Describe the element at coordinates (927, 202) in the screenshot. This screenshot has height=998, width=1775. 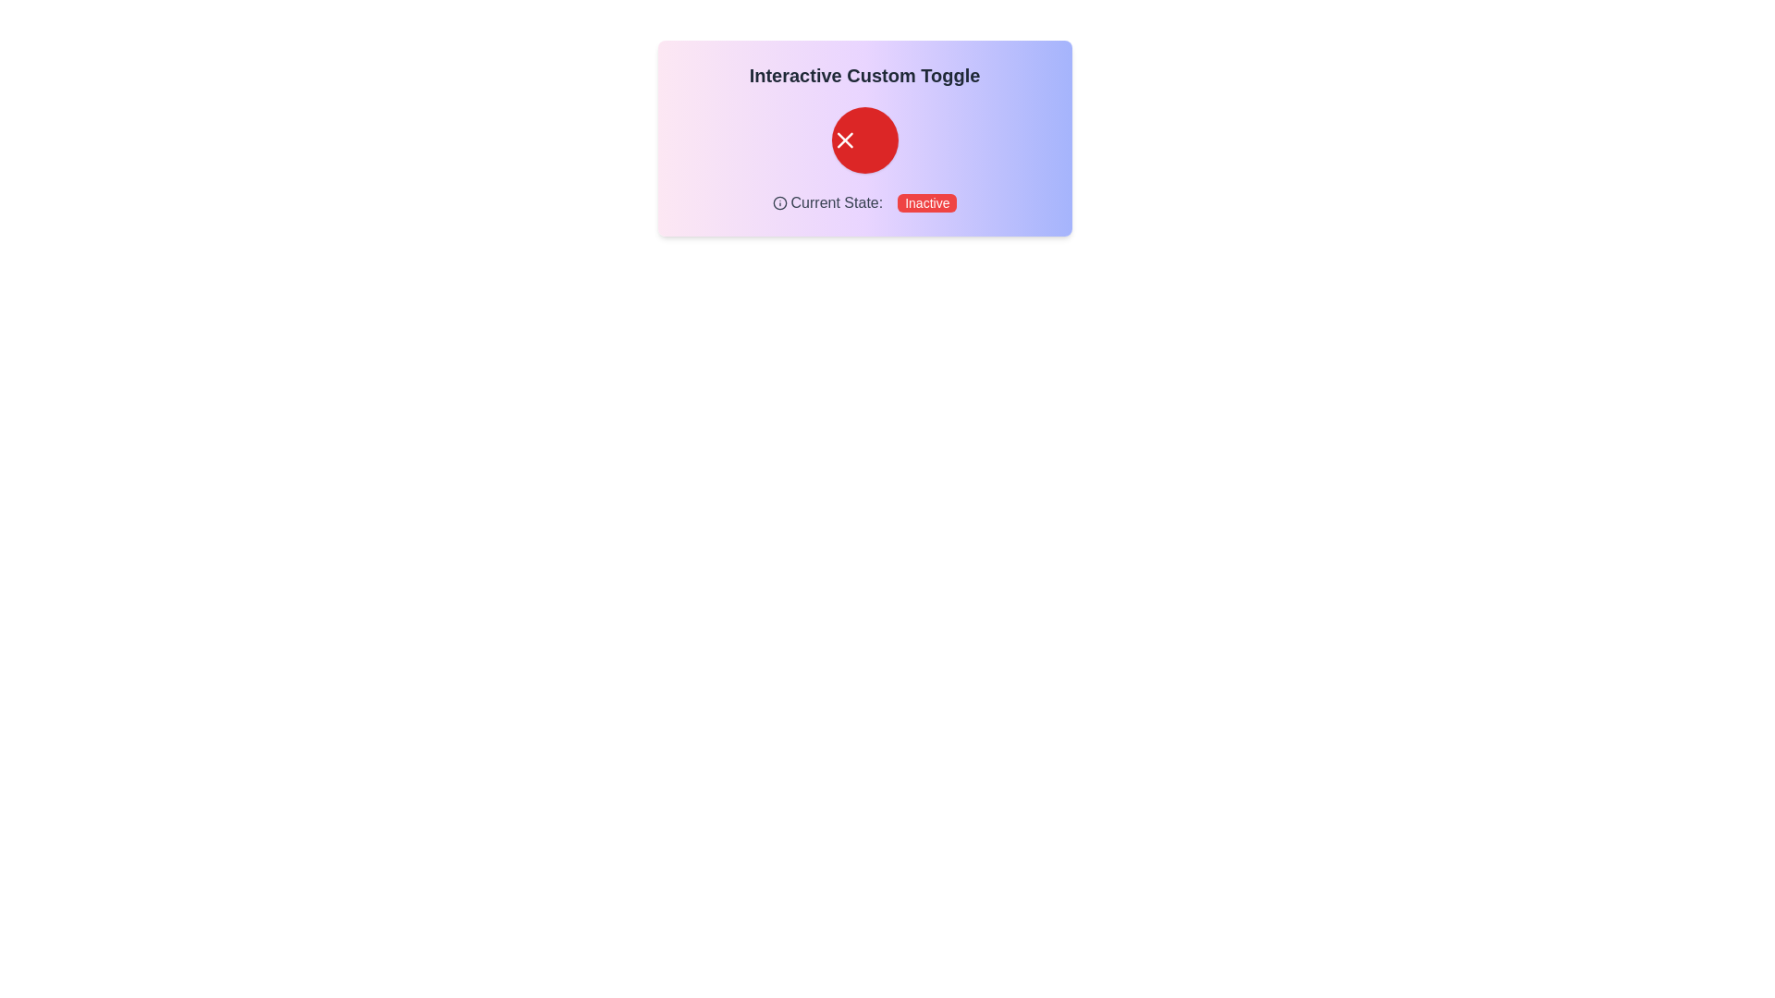
I see `the small red button with rounded corners that contains the text 'Inactive' in white, which indicates the current state` at that location.